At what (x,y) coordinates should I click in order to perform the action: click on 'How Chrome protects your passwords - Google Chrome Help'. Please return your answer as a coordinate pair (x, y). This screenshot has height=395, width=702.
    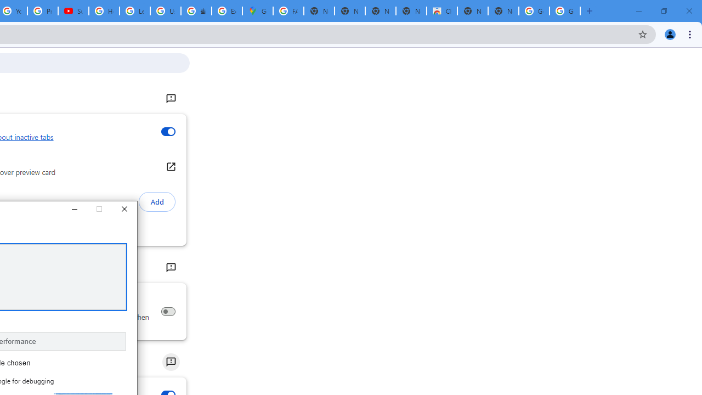
    Looking at the image, I should click on (104, 11).